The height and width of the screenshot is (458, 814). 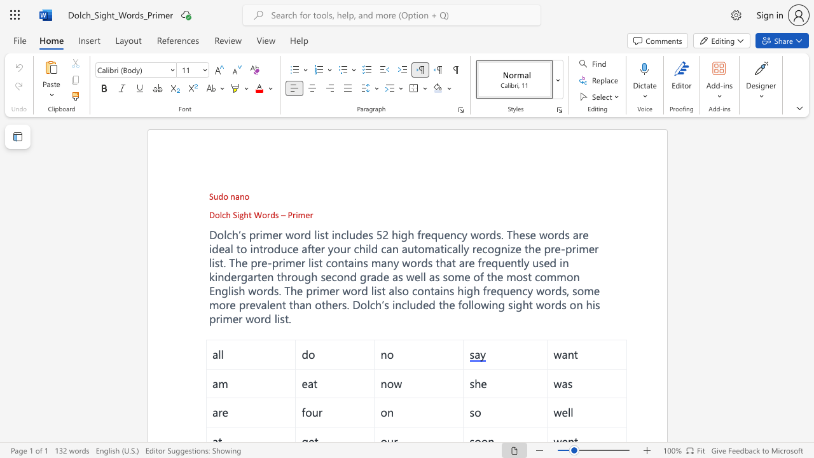 I want to click on the subset text "any words th" within the text "many words that are", so click(x=380, y=261).